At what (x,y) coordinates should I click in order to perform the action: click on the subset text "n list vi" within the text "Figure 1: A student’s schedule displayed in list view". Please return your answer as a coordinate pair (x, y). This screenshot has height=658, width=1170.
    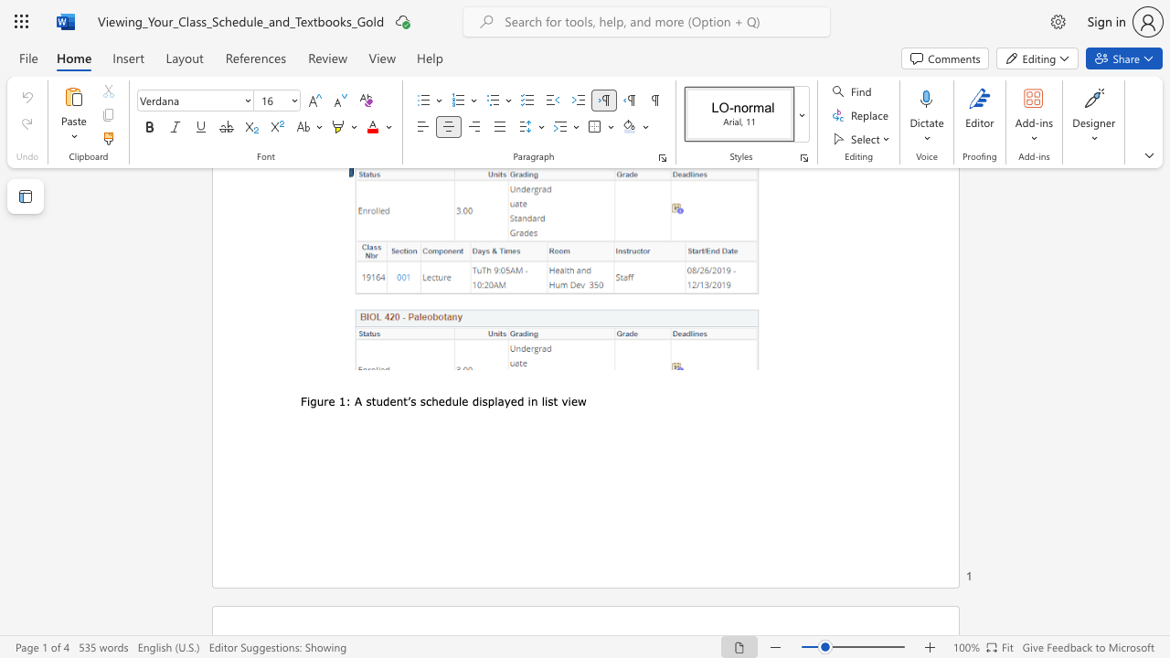
    Looking at the image, I should click on (529, 400).